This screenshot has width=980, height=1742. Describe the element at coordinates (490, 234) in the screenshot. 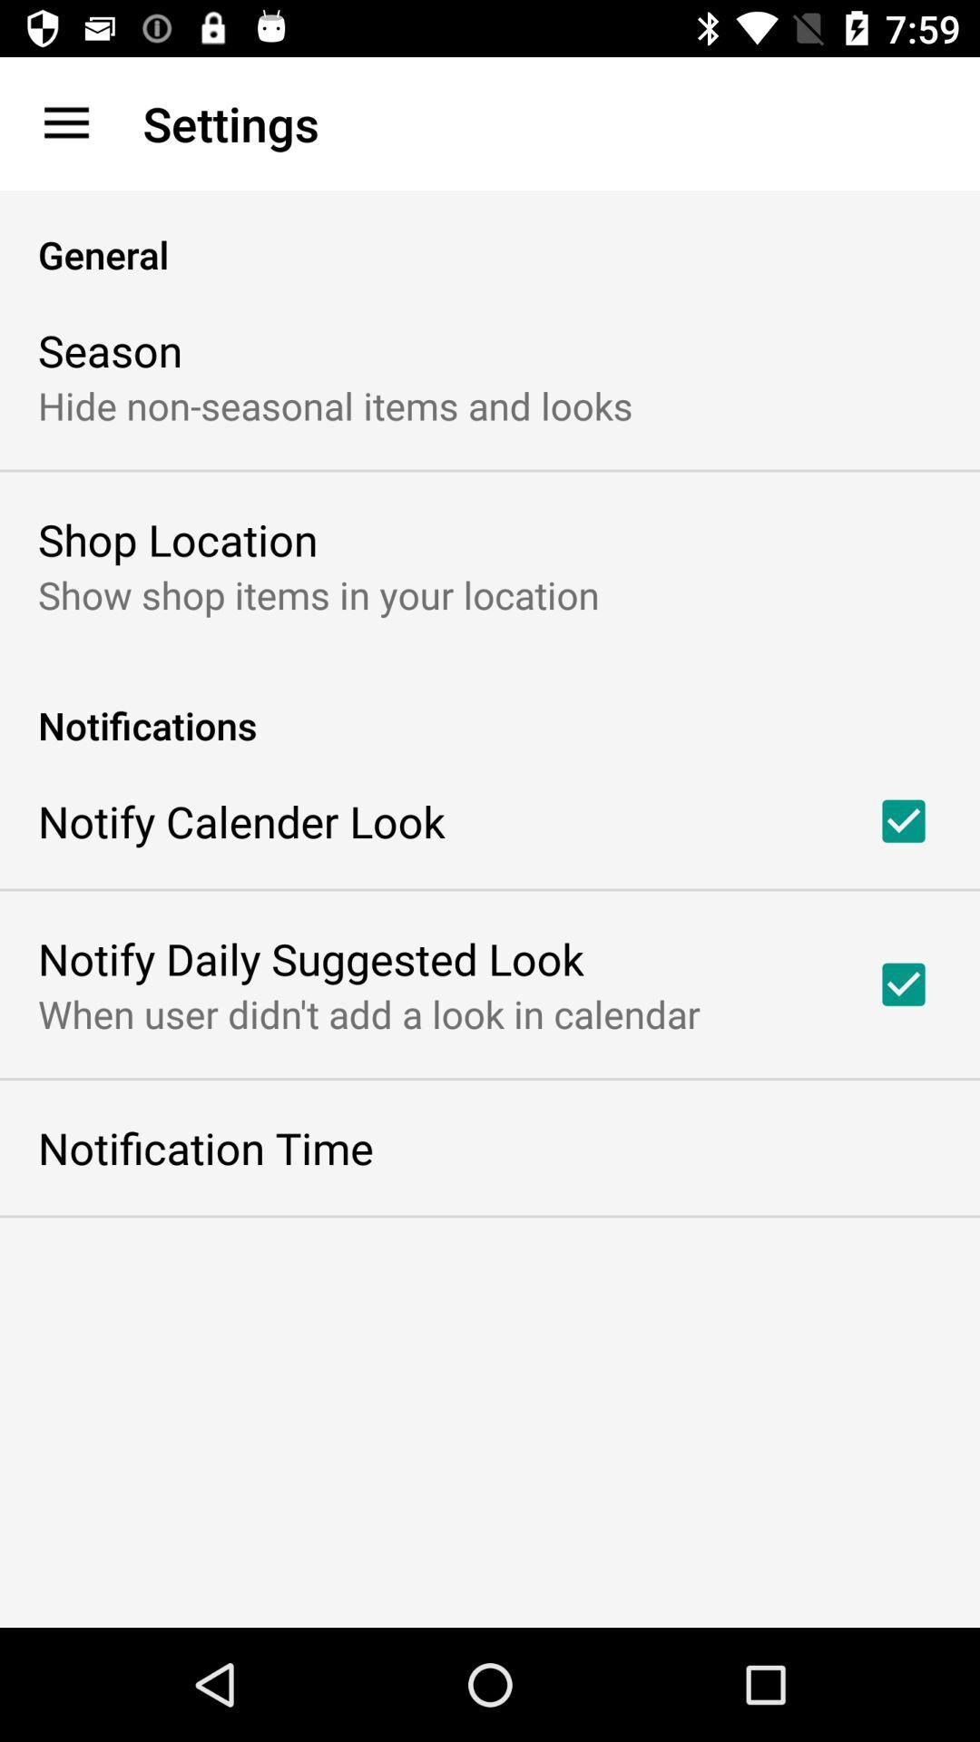

I see `the general item` at that location.